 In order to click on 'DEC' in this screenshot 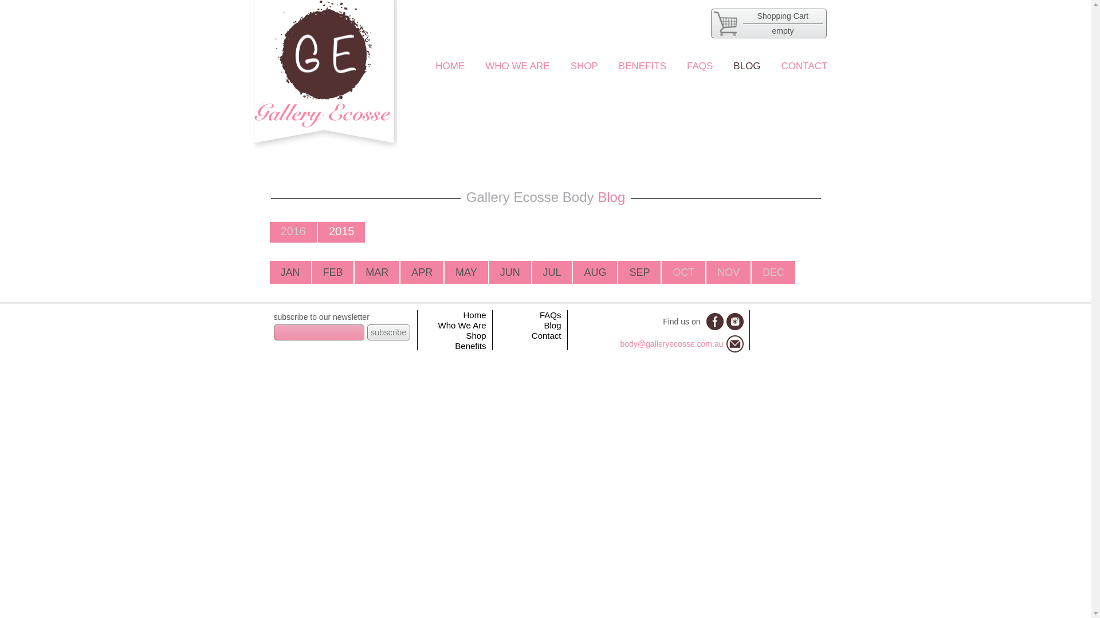, I will do `click(773, 272)`.